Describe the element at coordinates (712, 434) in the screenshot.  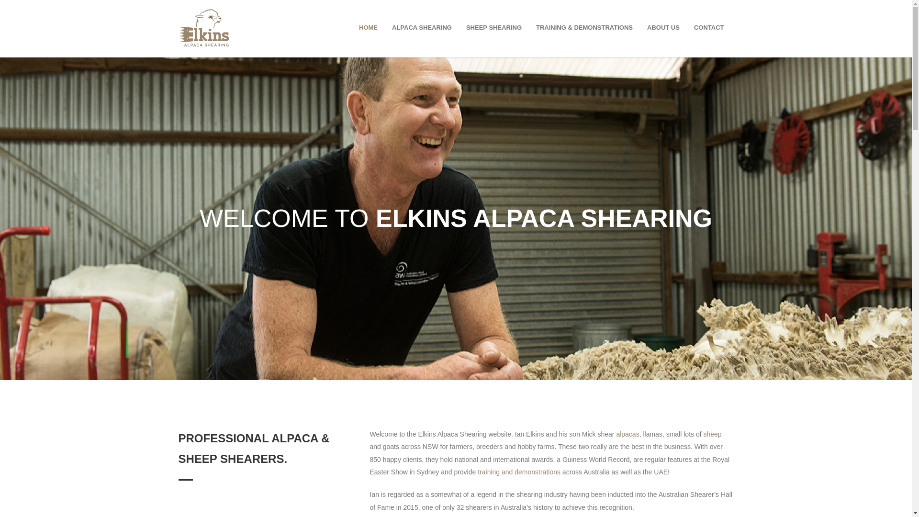
I see `'sheep'` at that location.